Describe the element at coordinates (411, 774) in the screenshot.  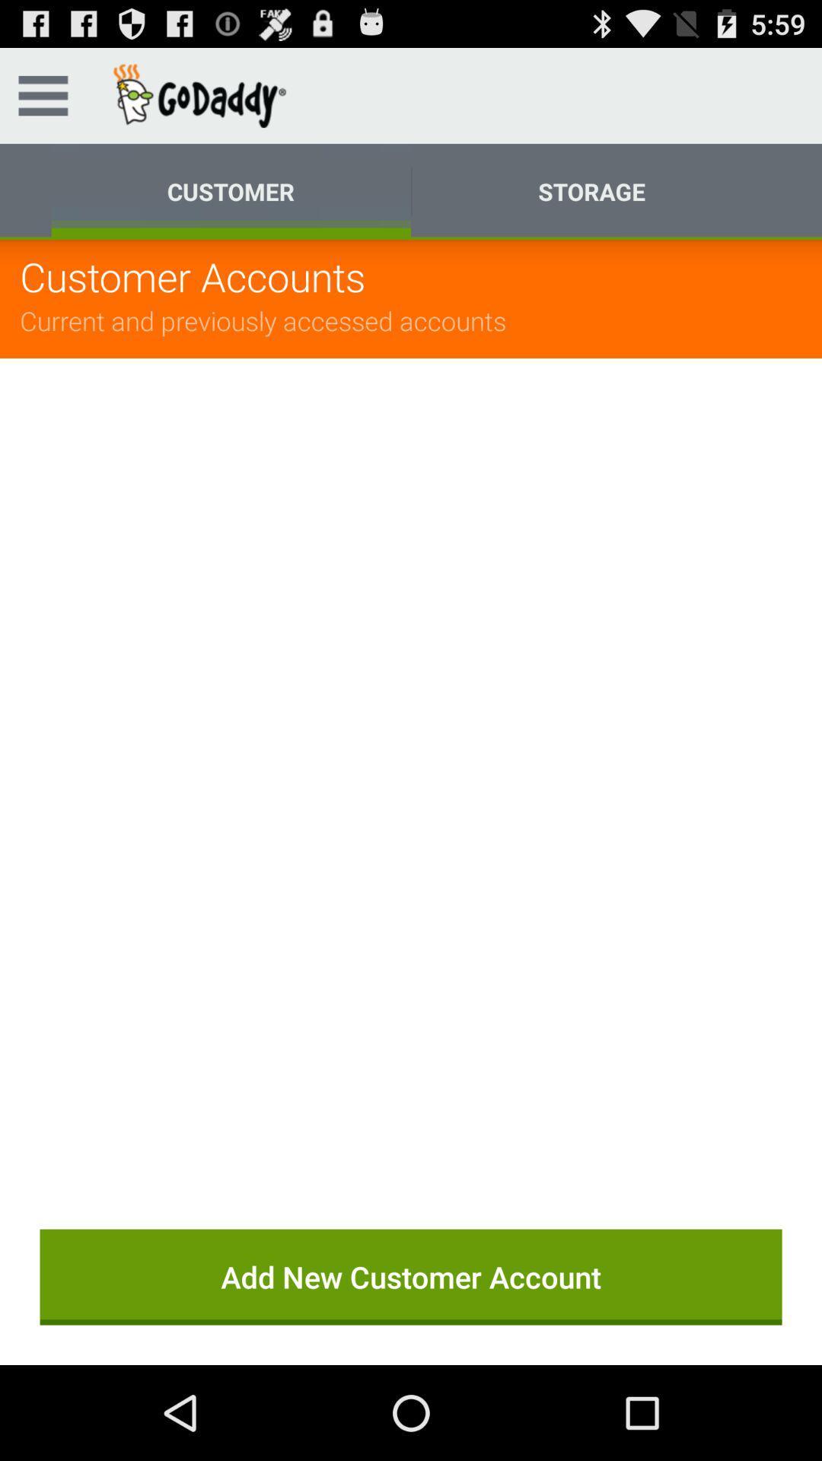
I see `the item above the add new customer` at that location.